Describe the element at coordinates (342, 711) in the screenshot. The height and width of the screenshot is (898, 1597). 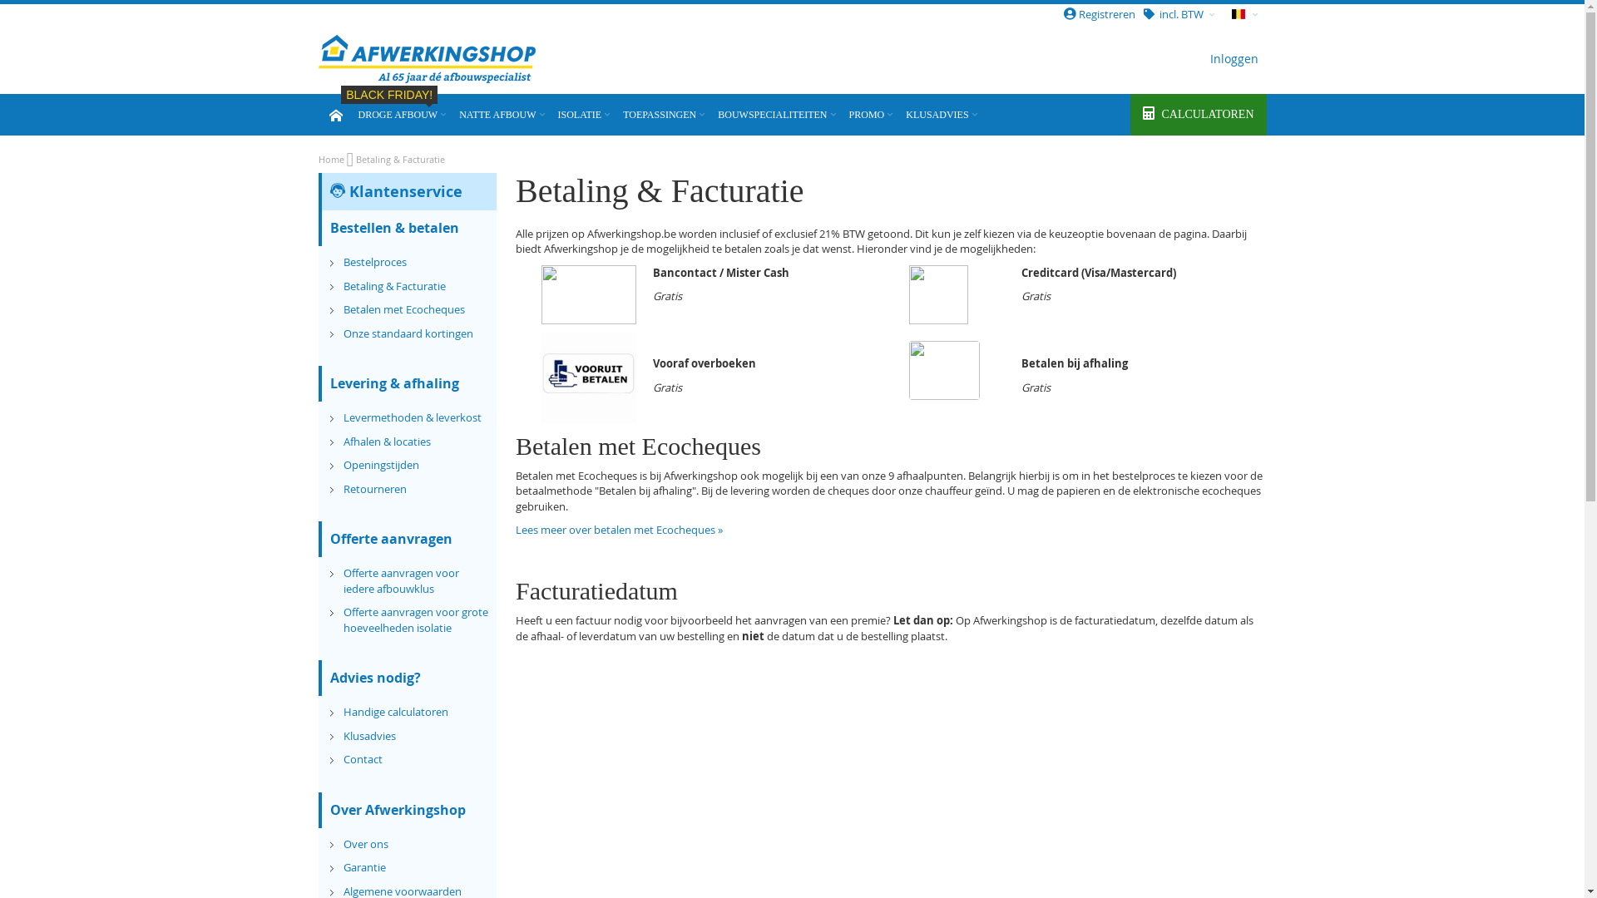
I see `'Handige calculatoren'` at that location.